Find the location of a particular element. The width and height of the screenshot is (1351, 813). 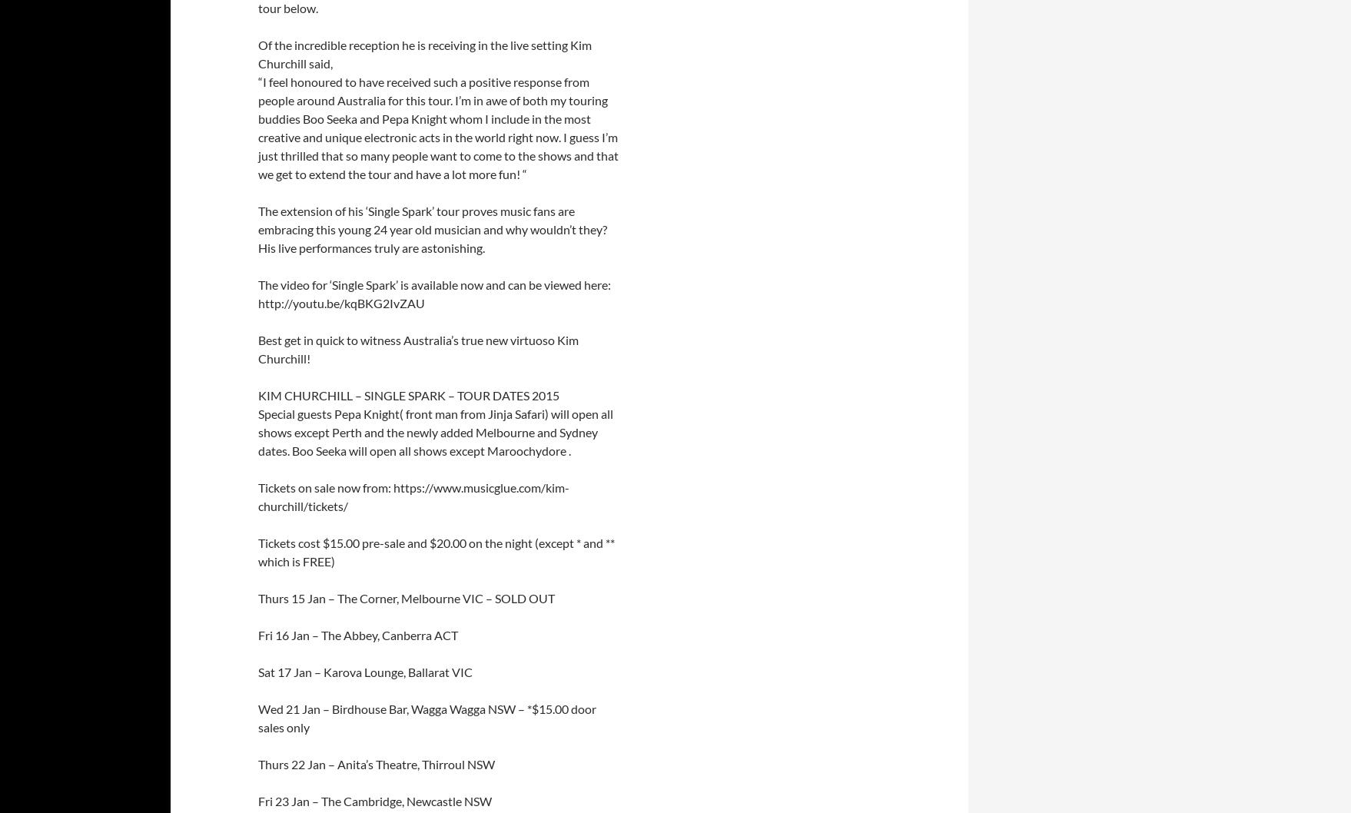

'The extension of his ‘Single Spark’ tour proves music fans are embracing this young 24 year old musician and why wouldn’t they? His live performances truly are astonishing.' is located at coordinates (432, 228).